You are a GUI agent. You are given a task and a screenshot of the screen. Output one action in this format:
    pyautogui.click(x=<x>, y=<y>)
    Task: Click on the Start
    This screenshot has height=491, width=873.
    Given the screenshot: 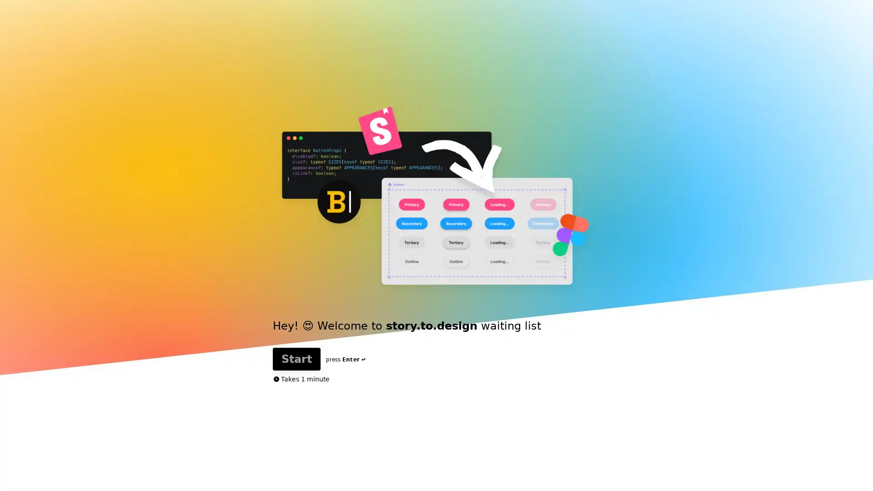 What is the action you would take?
    pyautogui.click(x=483, y=249)
    